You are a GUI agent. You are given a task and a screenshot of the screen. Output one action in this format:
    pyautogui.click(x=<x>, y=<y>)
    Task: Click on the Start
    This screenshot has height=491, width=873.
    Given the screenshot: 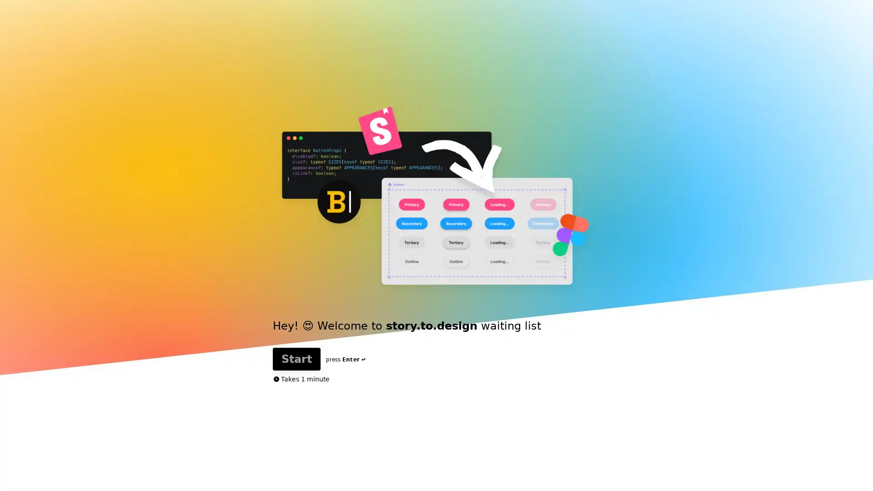 What is the action you would take?
    pyautogui.click(x=483, y=249)
    